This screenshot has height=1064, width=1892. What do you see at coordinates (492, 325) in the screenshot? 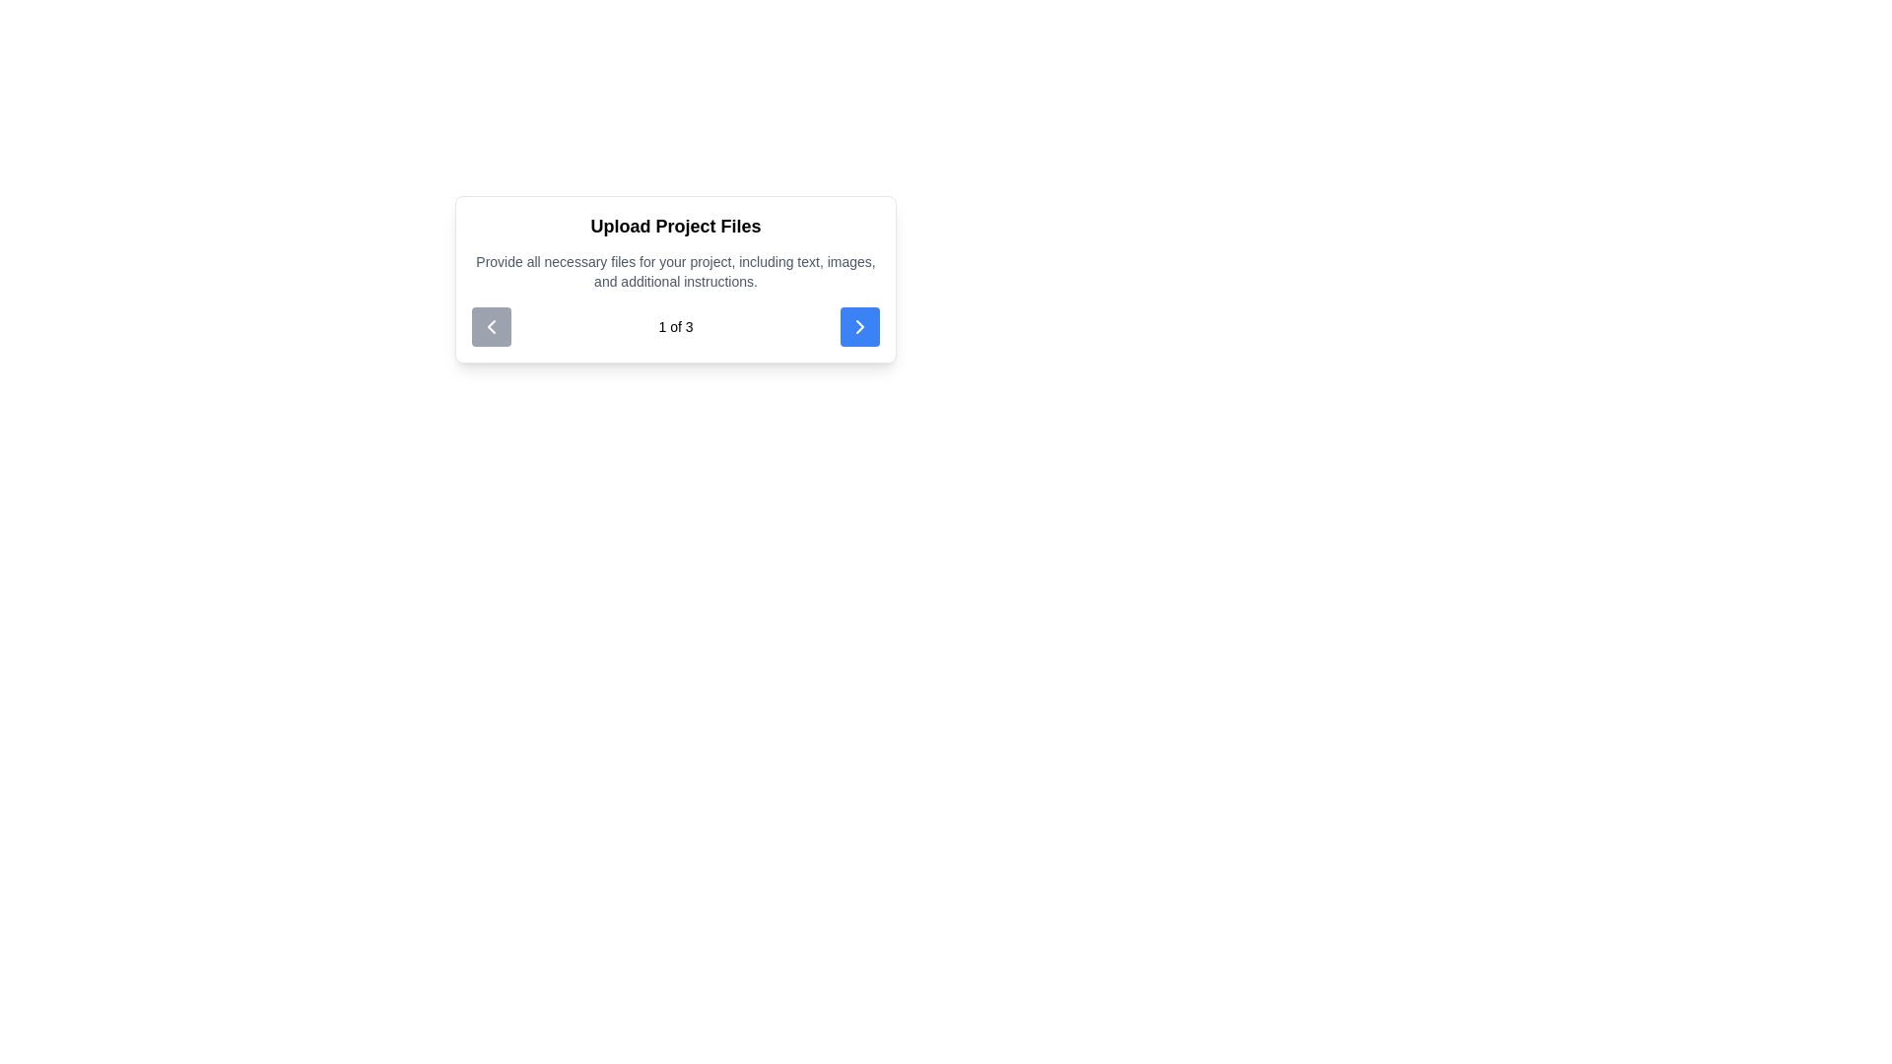
I see `the left navigation button for the previous page in the pagination control` at bounding box center [492, 325].